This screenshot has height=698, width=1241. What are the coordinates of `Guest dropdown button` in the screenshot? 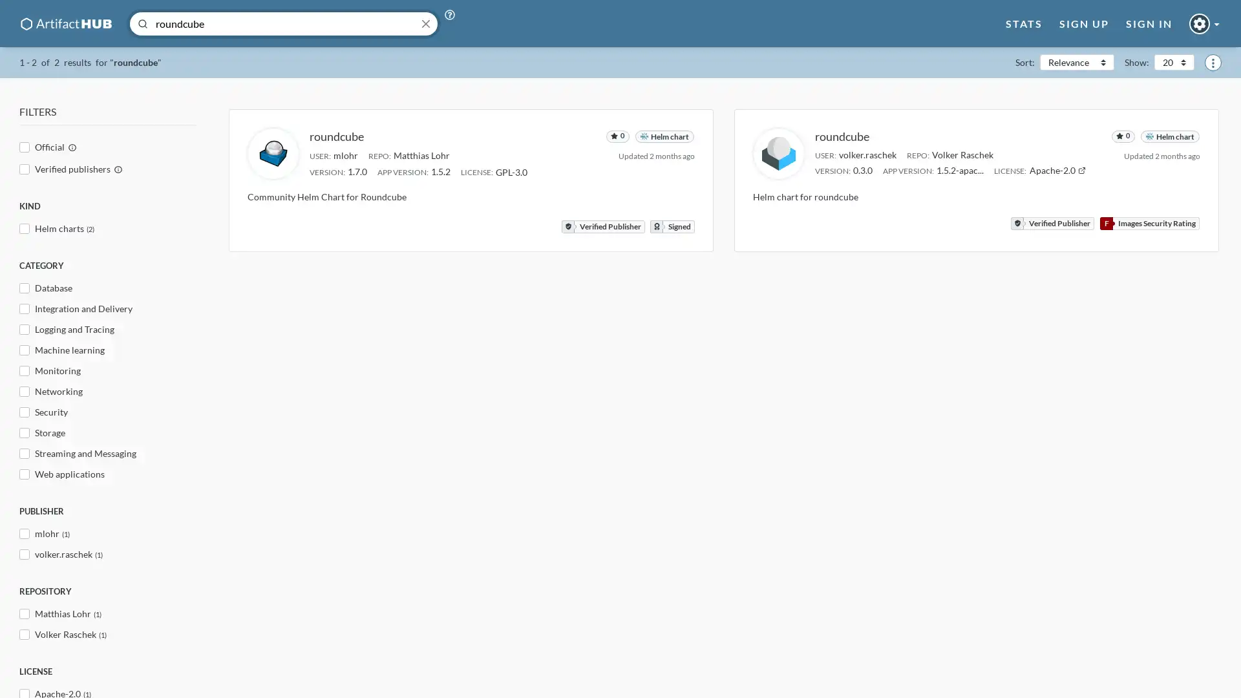 It's located at (1204, 23).